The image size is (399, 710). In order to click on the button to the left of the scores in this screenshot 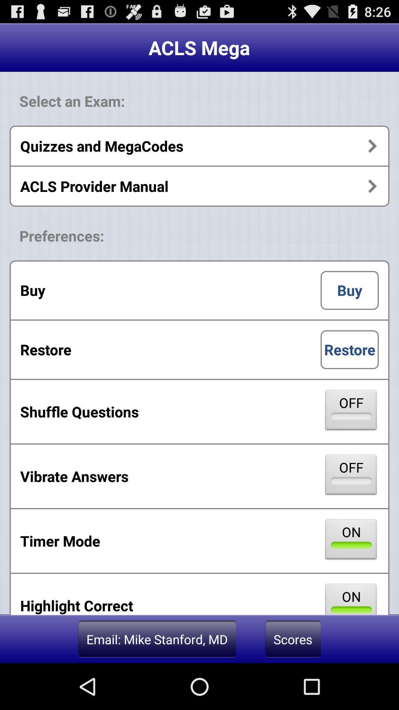, I will do `click(157, 639)`.